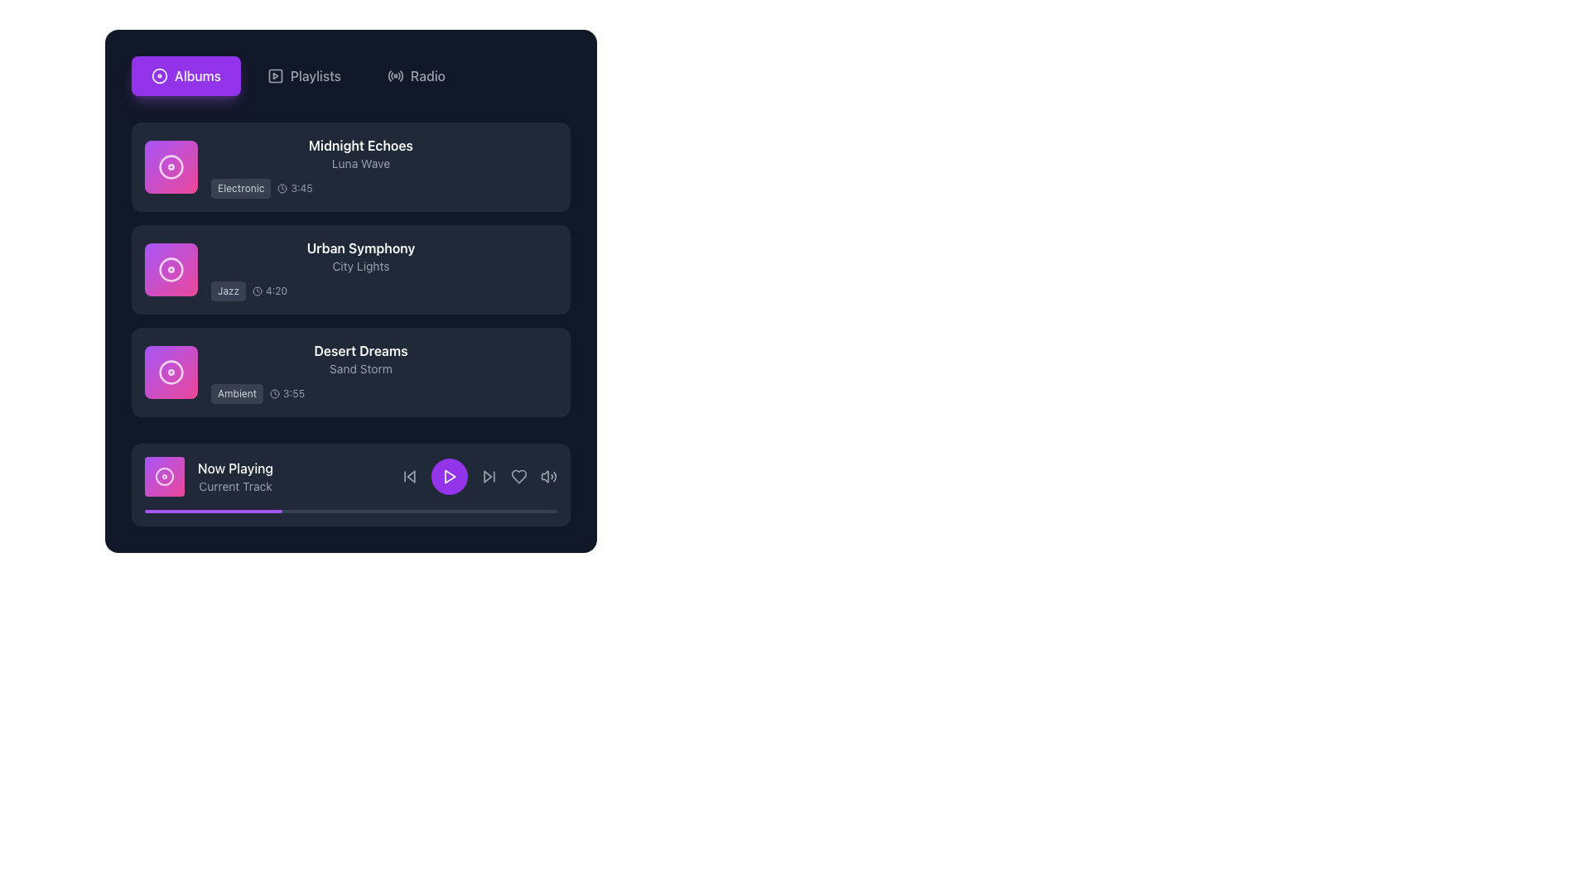 Image resolution: width=1590 pixels, height=894 pixels. What do you see at coordinates (409, 476) in the screenshot?
I see `the skip back button located at the far left of the media control icons in the bottom bar to observe its hover effect` at bounding box center [409, 476].